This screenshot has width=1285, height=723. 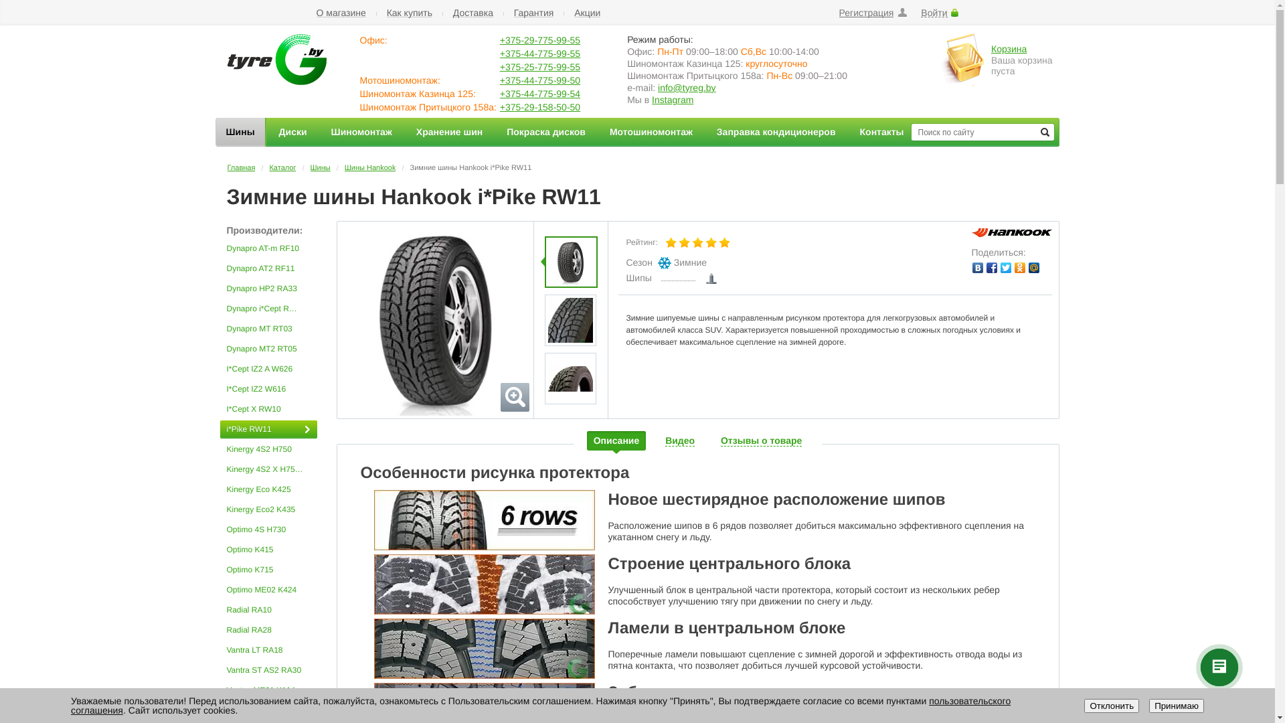 I want to click on '+375-29-158-50-50', so click(x=539, y=106).